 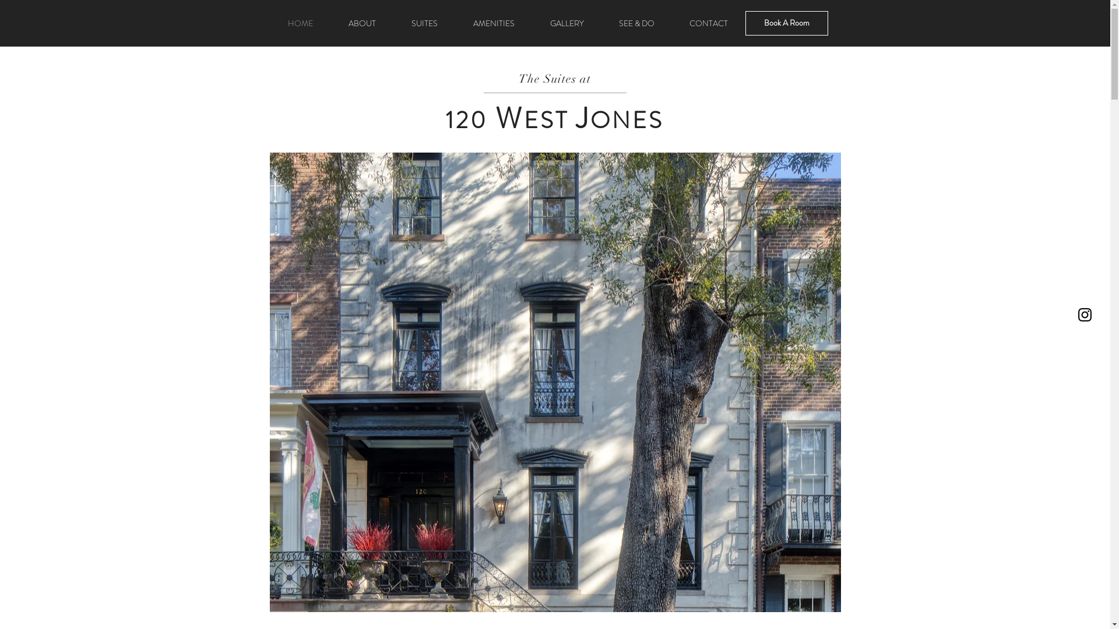 What do you see at coordinates (786, 23) in the screenshot?
I see `'Book A Room'` at bounding box center [786, 23].